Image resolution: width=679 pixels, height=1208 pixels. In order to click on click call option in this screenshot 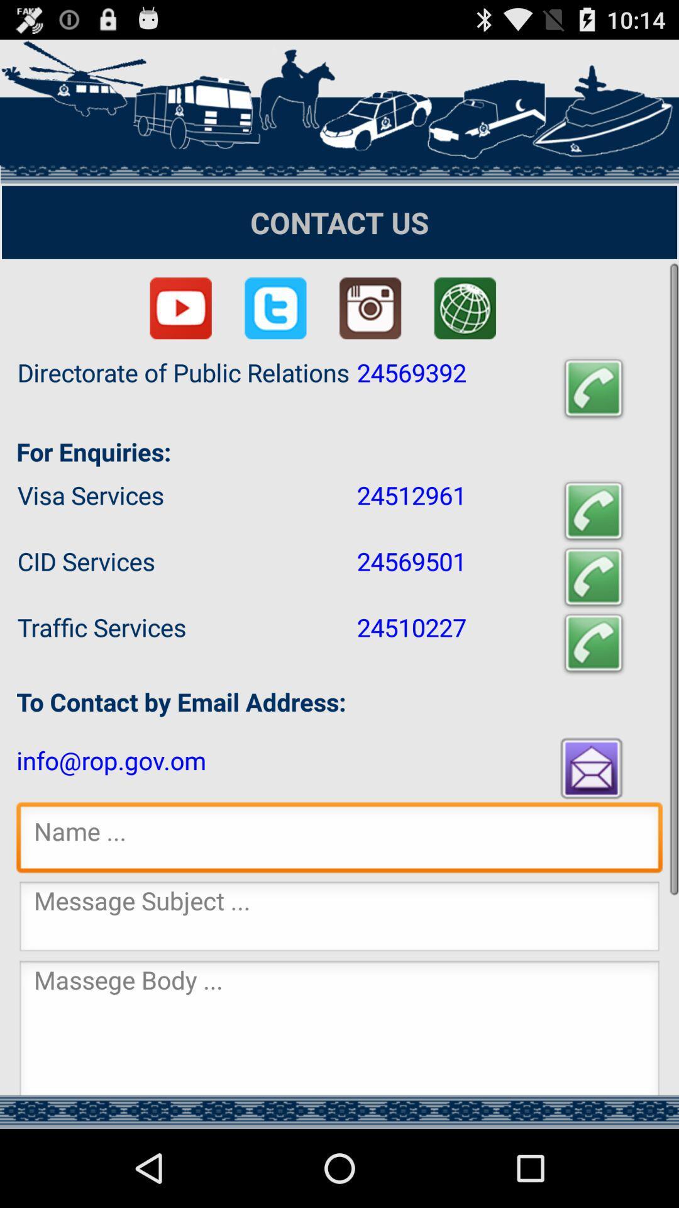, I will do `click(593, 576)`.